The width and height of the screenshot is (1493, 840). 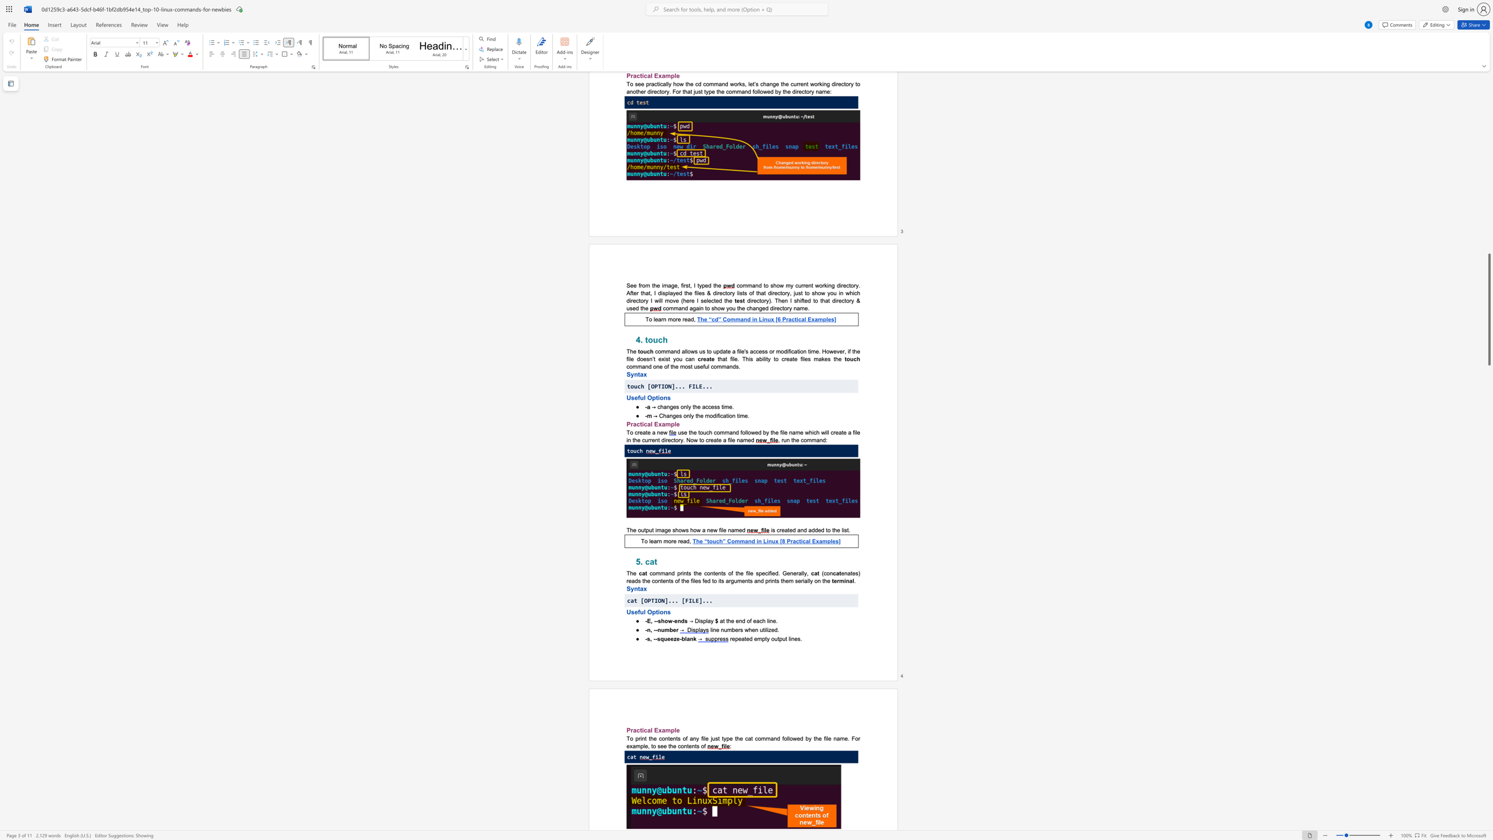 I want to click on the subset text "its" within the text "enates) reads the contents of the files fed to its arguments and prints them serially on the", so click(x=718, y=580).